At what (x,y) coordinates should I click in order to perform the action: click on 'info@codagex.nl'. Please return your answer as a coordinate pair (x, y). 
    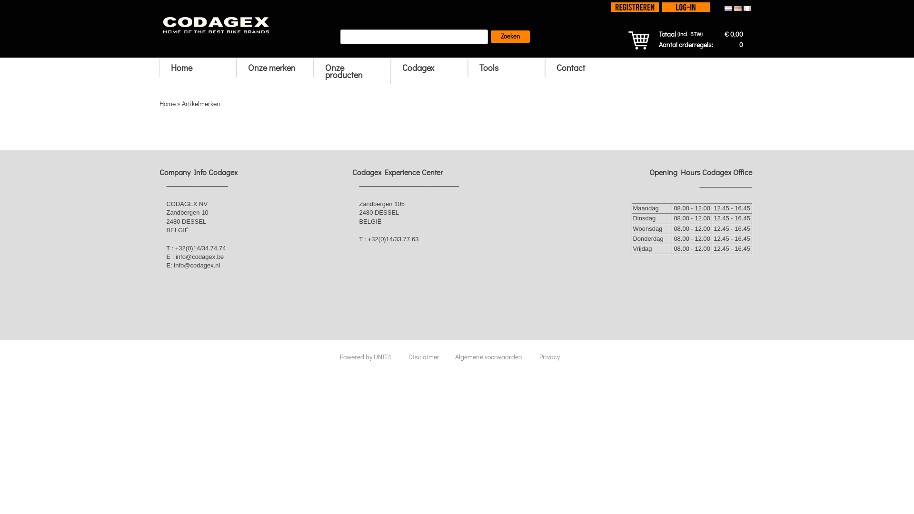
    Looking at the image, I should click on (196, 265).